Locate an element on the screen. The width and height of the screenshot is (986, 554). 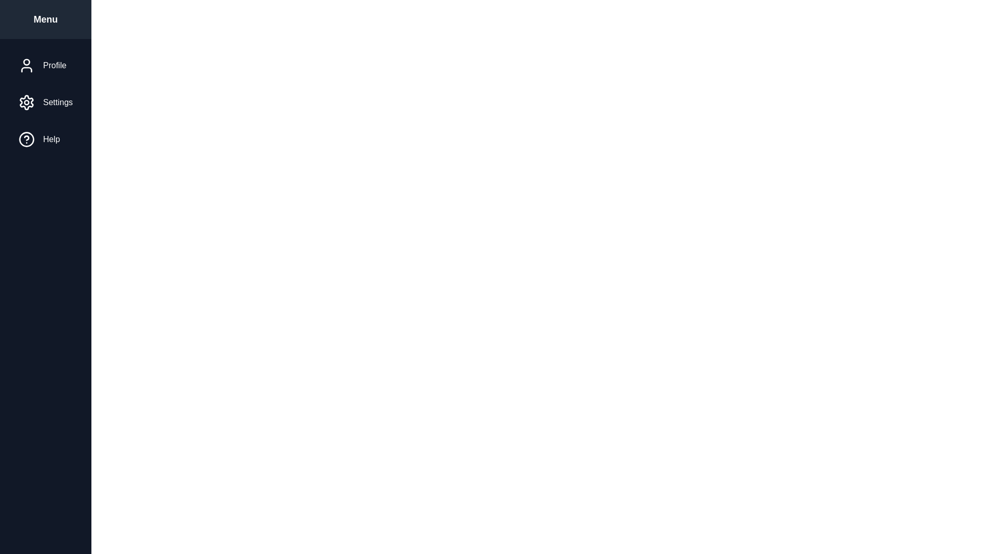
the menu option Profile is located at coordinates (44, 65).